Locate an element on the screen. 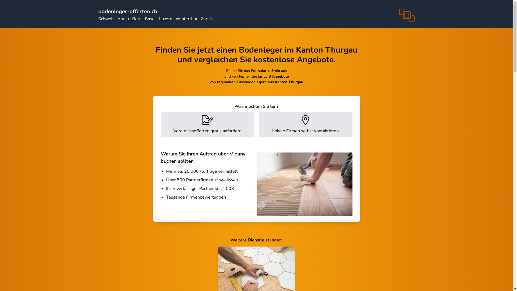 Image resolution: width=517 pixels, height=291 pixels. 'Bern' is located at coordinates (137, 18).